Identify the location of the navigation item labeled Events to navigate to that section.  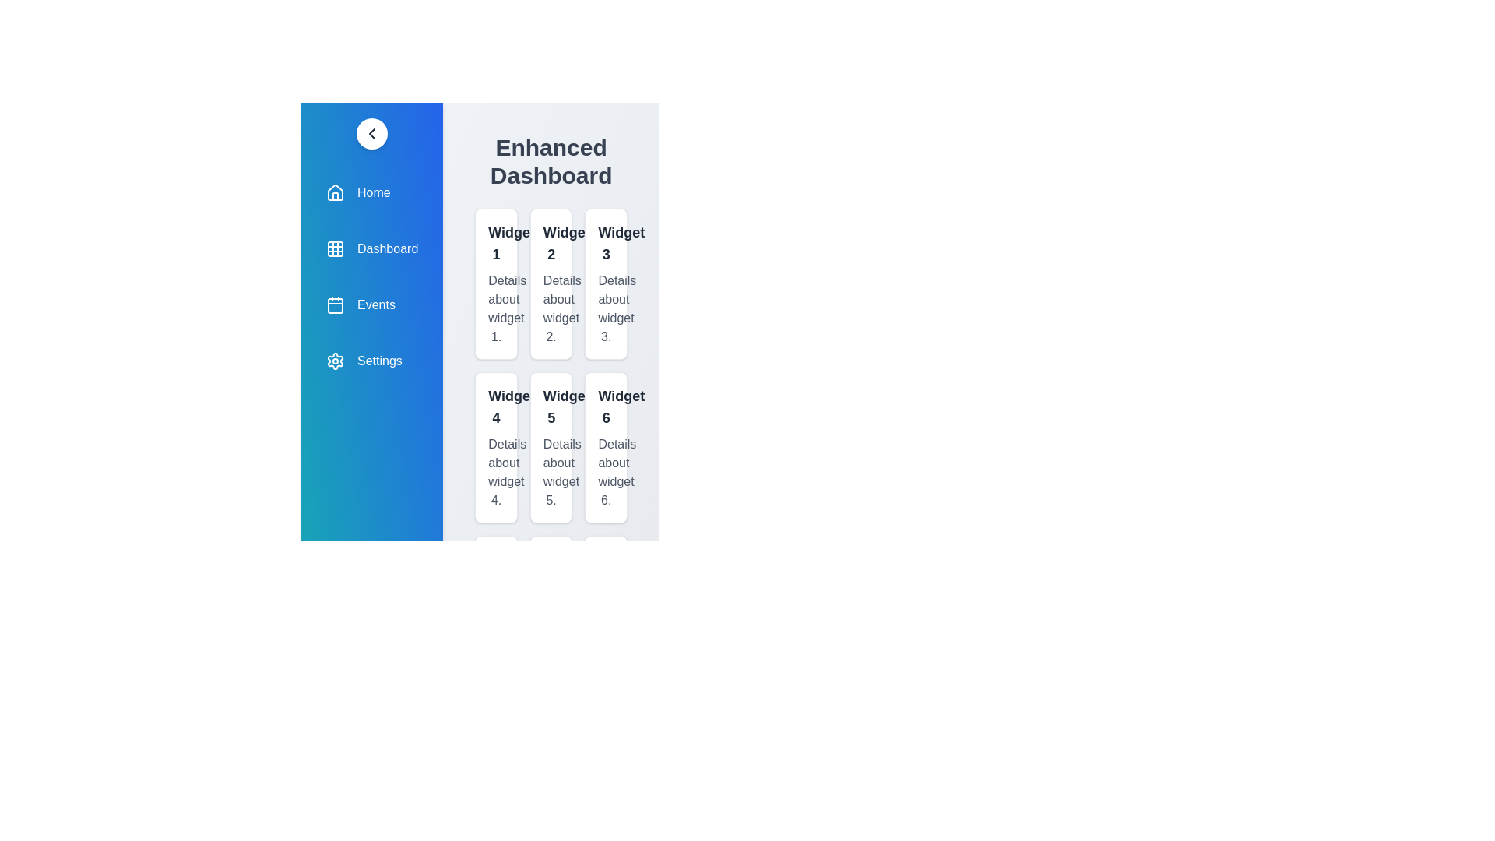
(371, 305).